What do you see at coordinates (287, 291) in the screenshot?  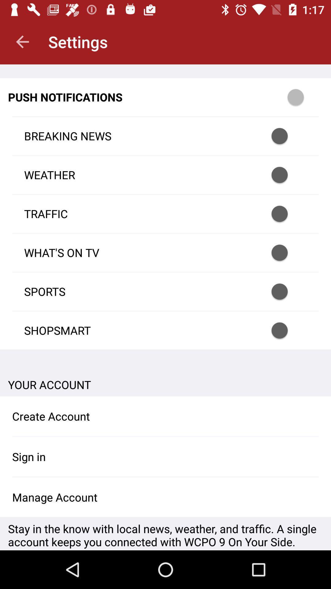 I see `sports switch option` at bounding box center [287, 291].